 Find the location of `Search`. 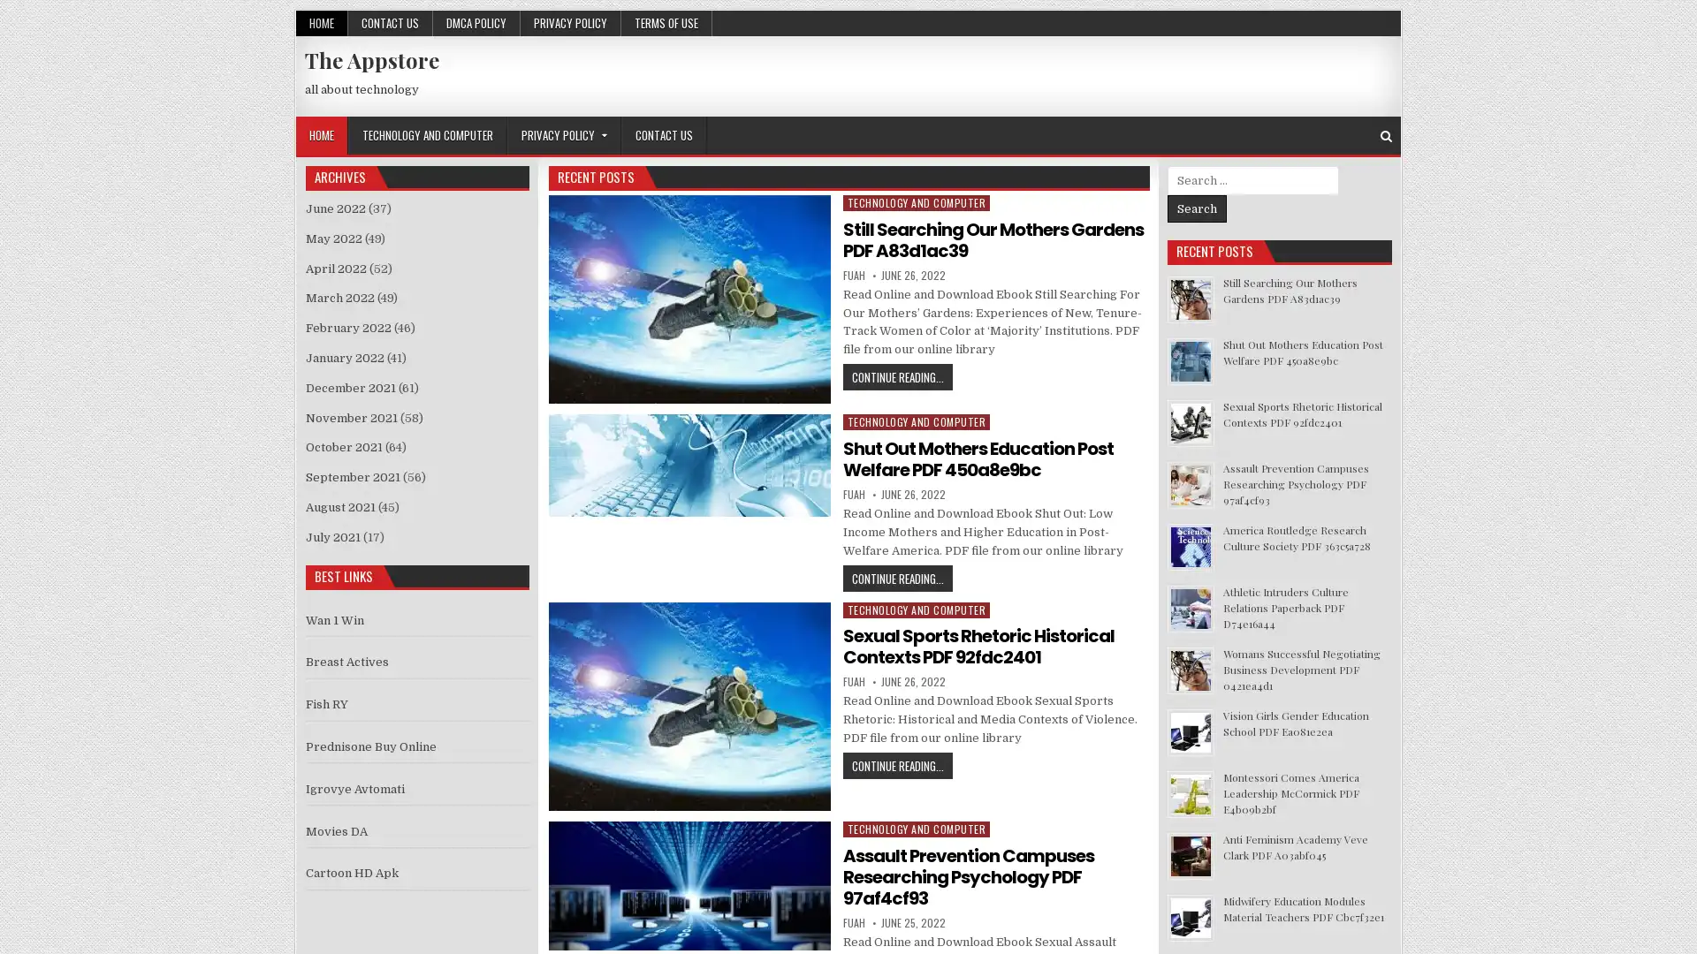

Search is located at coordinates (1197, 208).